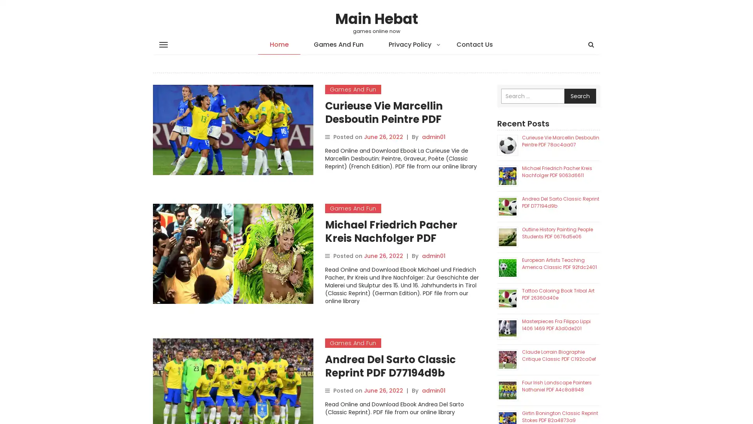 Image resolution: width=753 pixels, height=424 pixels. Describe the element at coordinates (580, 96) in the screenshot. I see `Search` at that location.